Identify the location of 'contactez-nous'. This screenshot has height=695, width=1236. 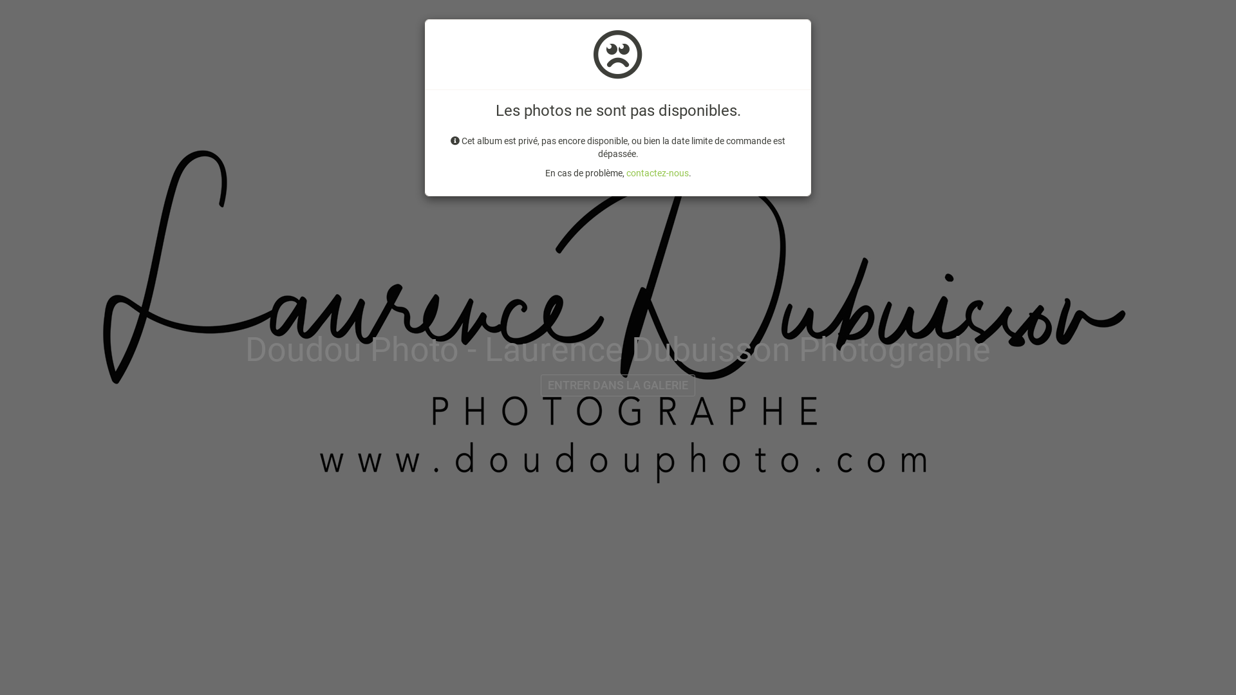
(625, 172).